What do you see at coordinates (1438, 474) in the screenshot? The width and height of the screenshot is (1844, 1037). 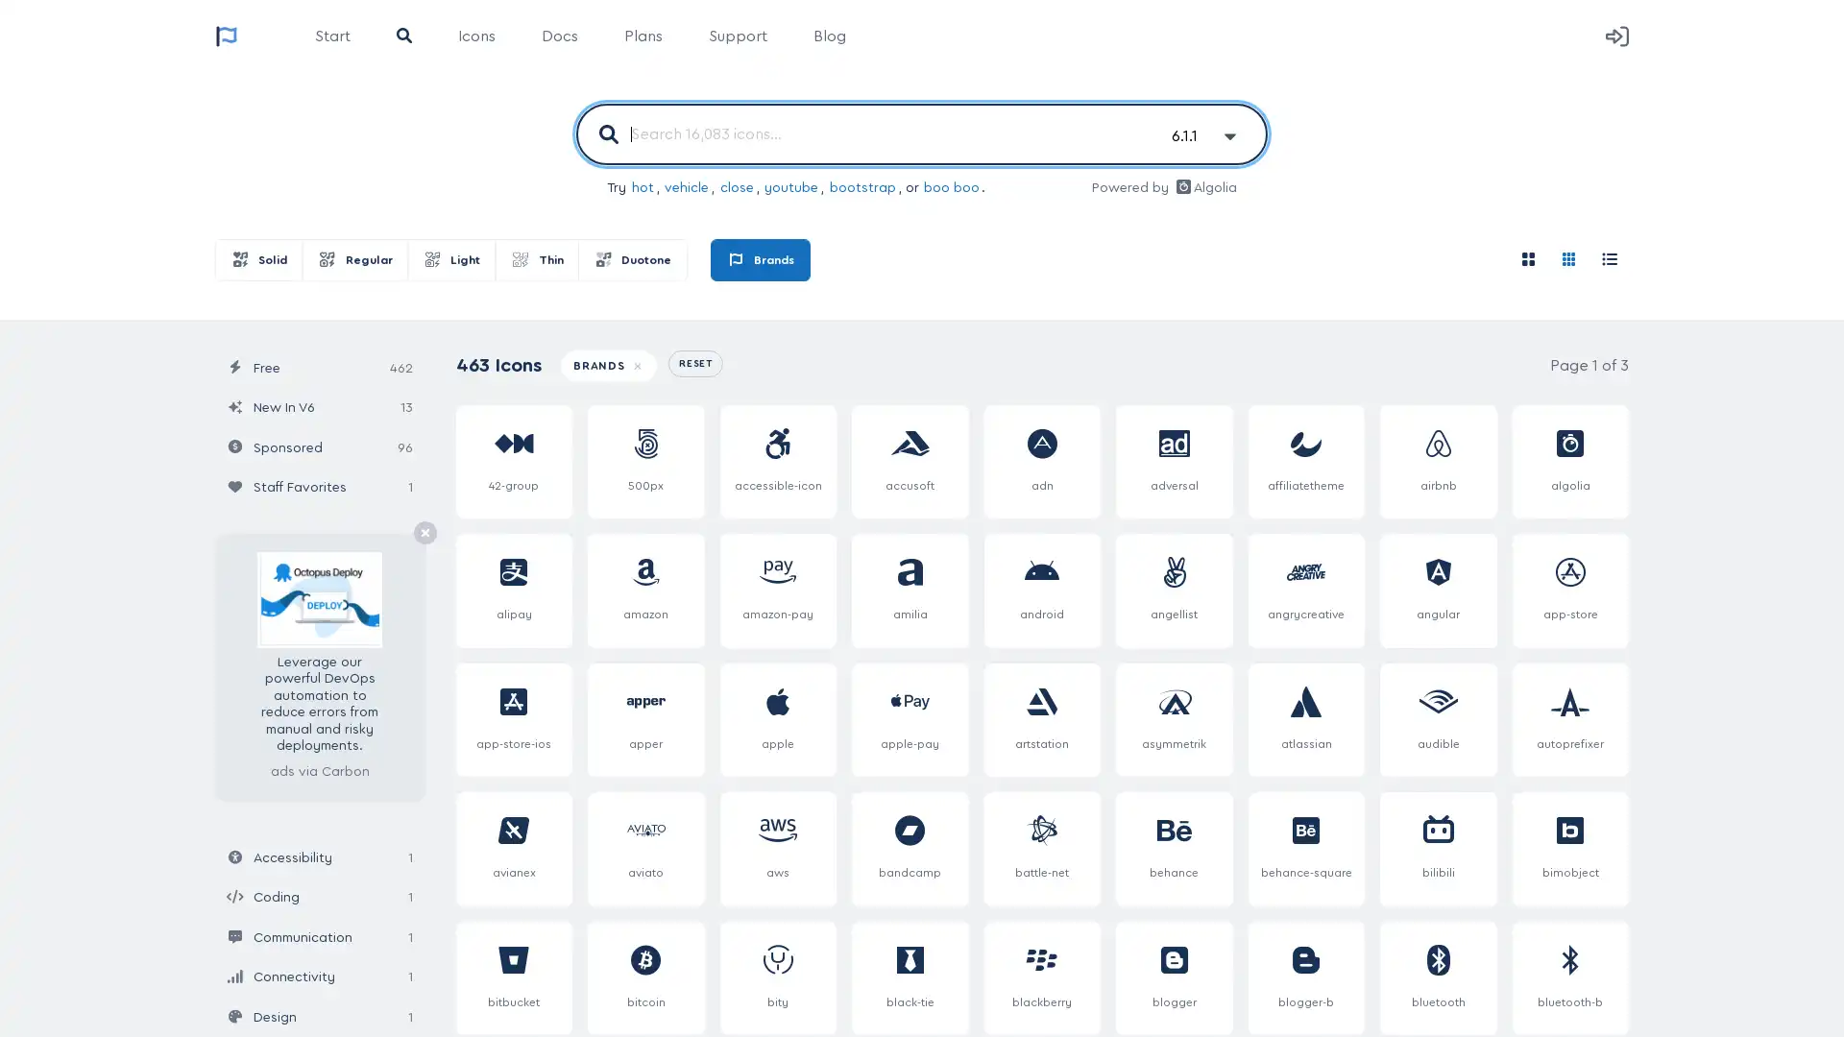 I see `airbnb` at bounding box center [1438, 474].